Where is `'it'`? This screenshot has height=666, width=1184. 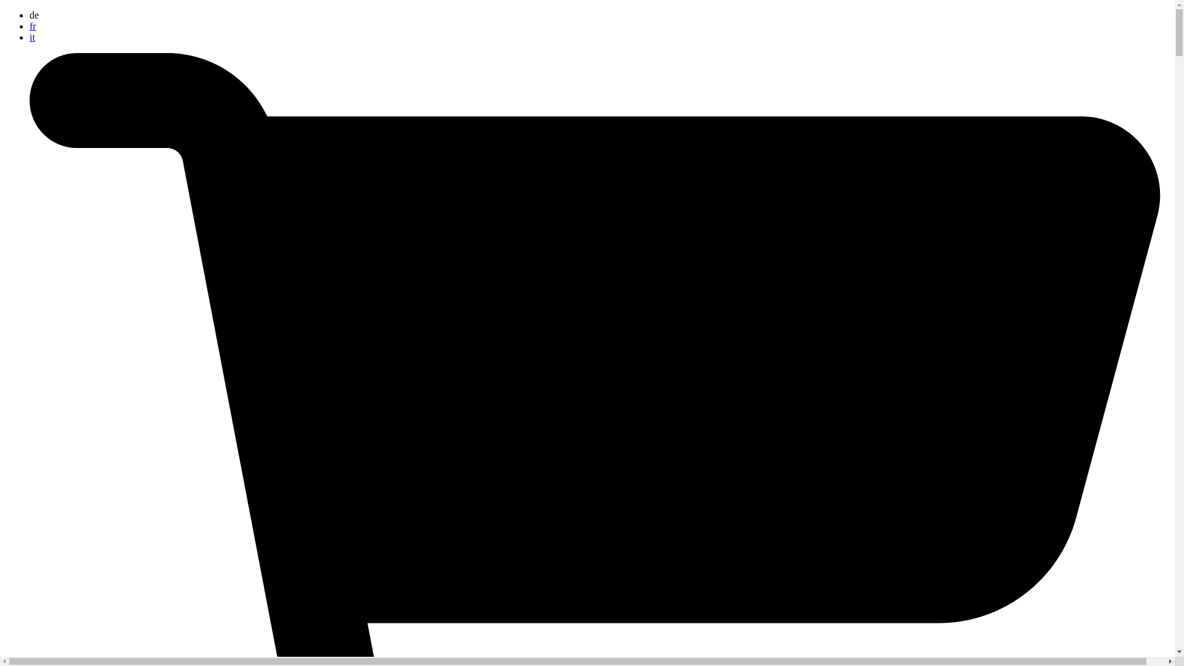
'it' is located at coordinates (32, 36).